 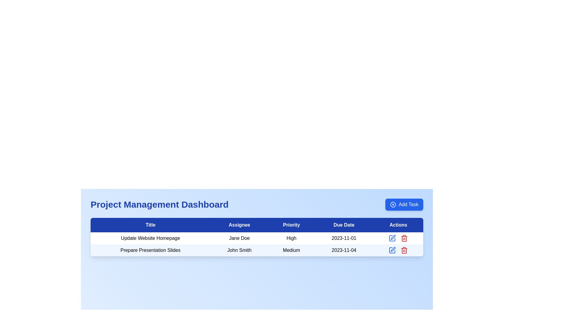 I want to click on the 'Assignee' text label, which is the second column header in the table, displayed in bold white on a blue background, so click(x=239, y=225).